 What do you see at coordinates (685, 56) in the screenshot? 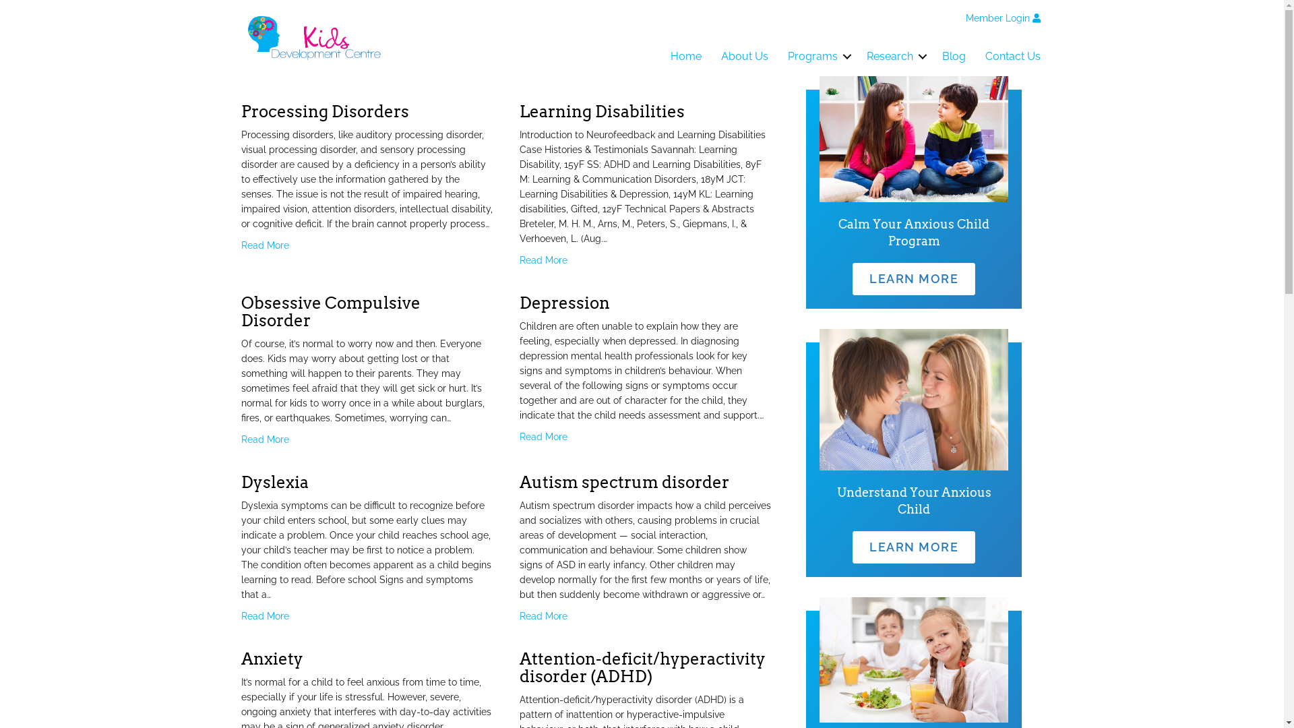
I see `'Home'` at bounding box center [685, 56].